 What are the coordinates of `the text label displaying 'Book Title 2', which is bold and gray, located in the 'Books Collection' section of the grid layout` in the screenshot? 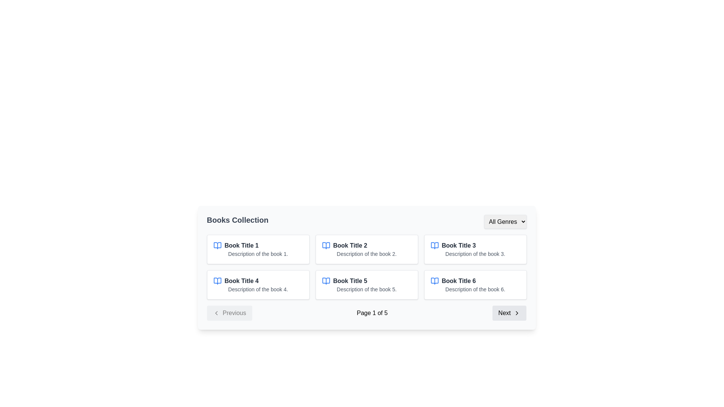 It's located at (350, 245).